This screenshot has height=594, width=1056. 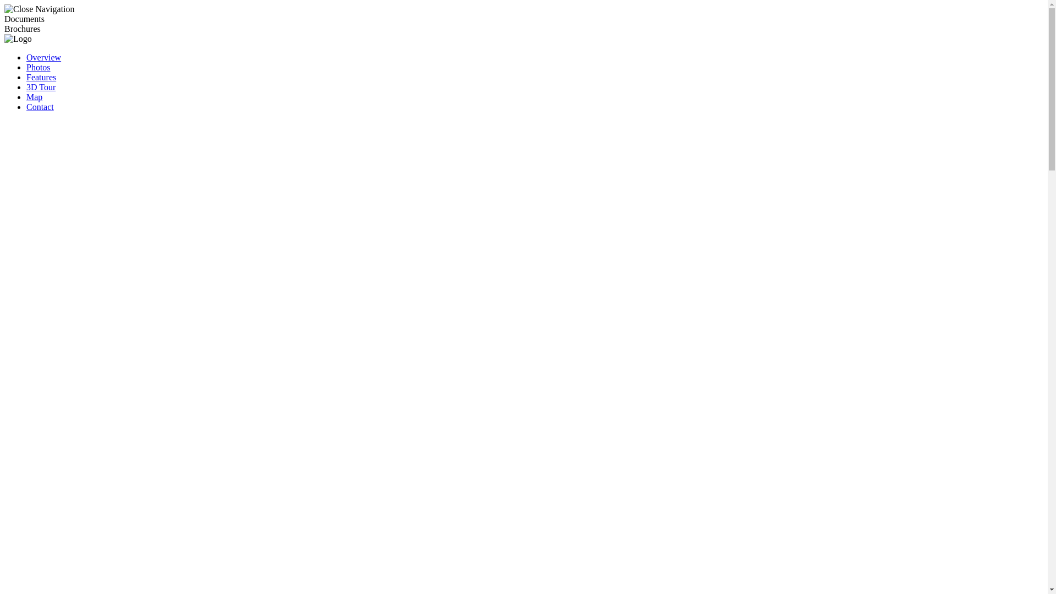 I want to click on 'Contact', so click(x=40, y=107).